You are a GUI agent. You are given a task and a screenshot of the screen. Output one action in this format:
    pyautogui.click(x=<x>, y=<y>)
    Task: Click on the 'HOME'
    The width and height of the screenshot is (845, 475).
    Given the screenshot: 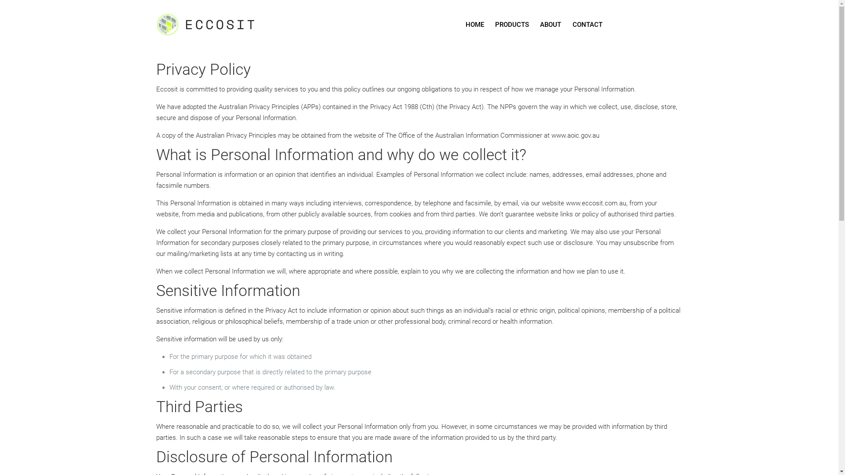 What is the action you would take?
    pyautogui.click(x=474, y=24)
    